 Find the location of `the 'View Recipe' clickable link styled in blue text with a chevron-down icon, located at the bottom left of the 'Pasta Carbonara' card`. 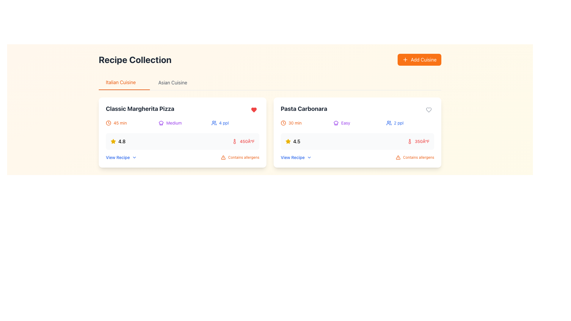

the 'View Recipe' clickable link styled in blue text with a chevron-down icon, located at the bottom left of the 'Pasta Carbonara' card is located at coordinates (296, 157).